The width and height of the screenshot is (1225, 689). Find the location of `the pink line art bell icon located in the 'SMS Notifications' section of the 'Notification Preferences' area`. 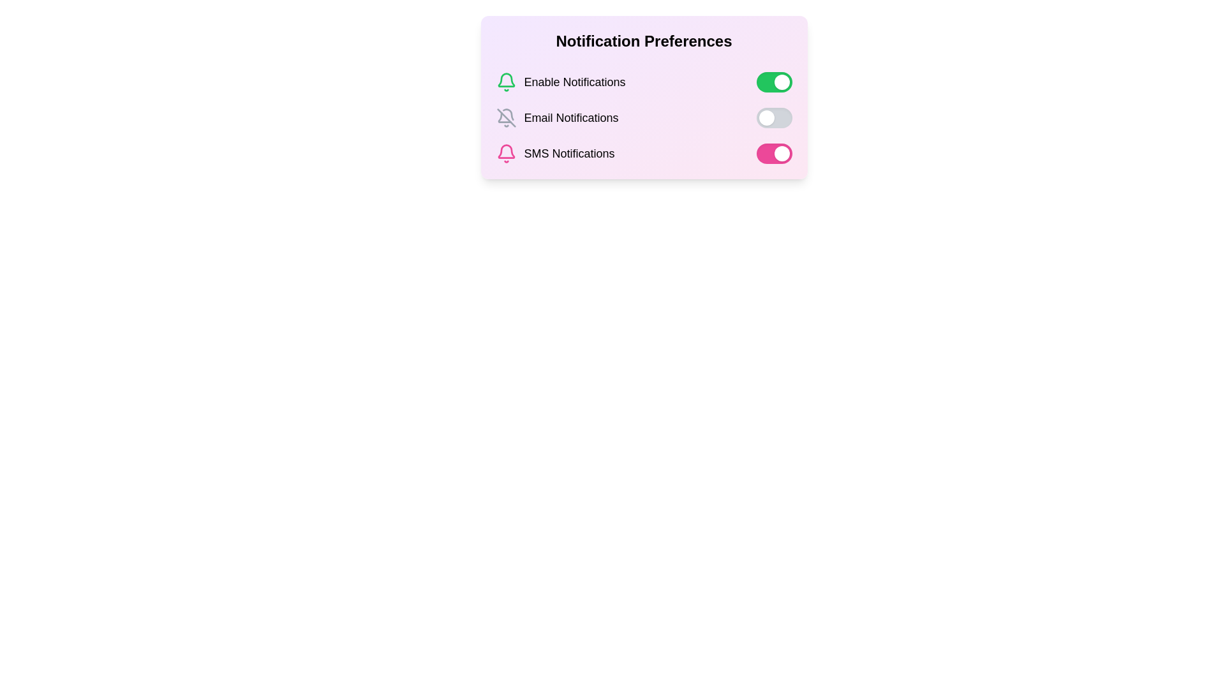

the pink line art bell icon located in the 'SMS Notifications' section of the 'Notification Preferences' area is located at coordinates (505, 151).